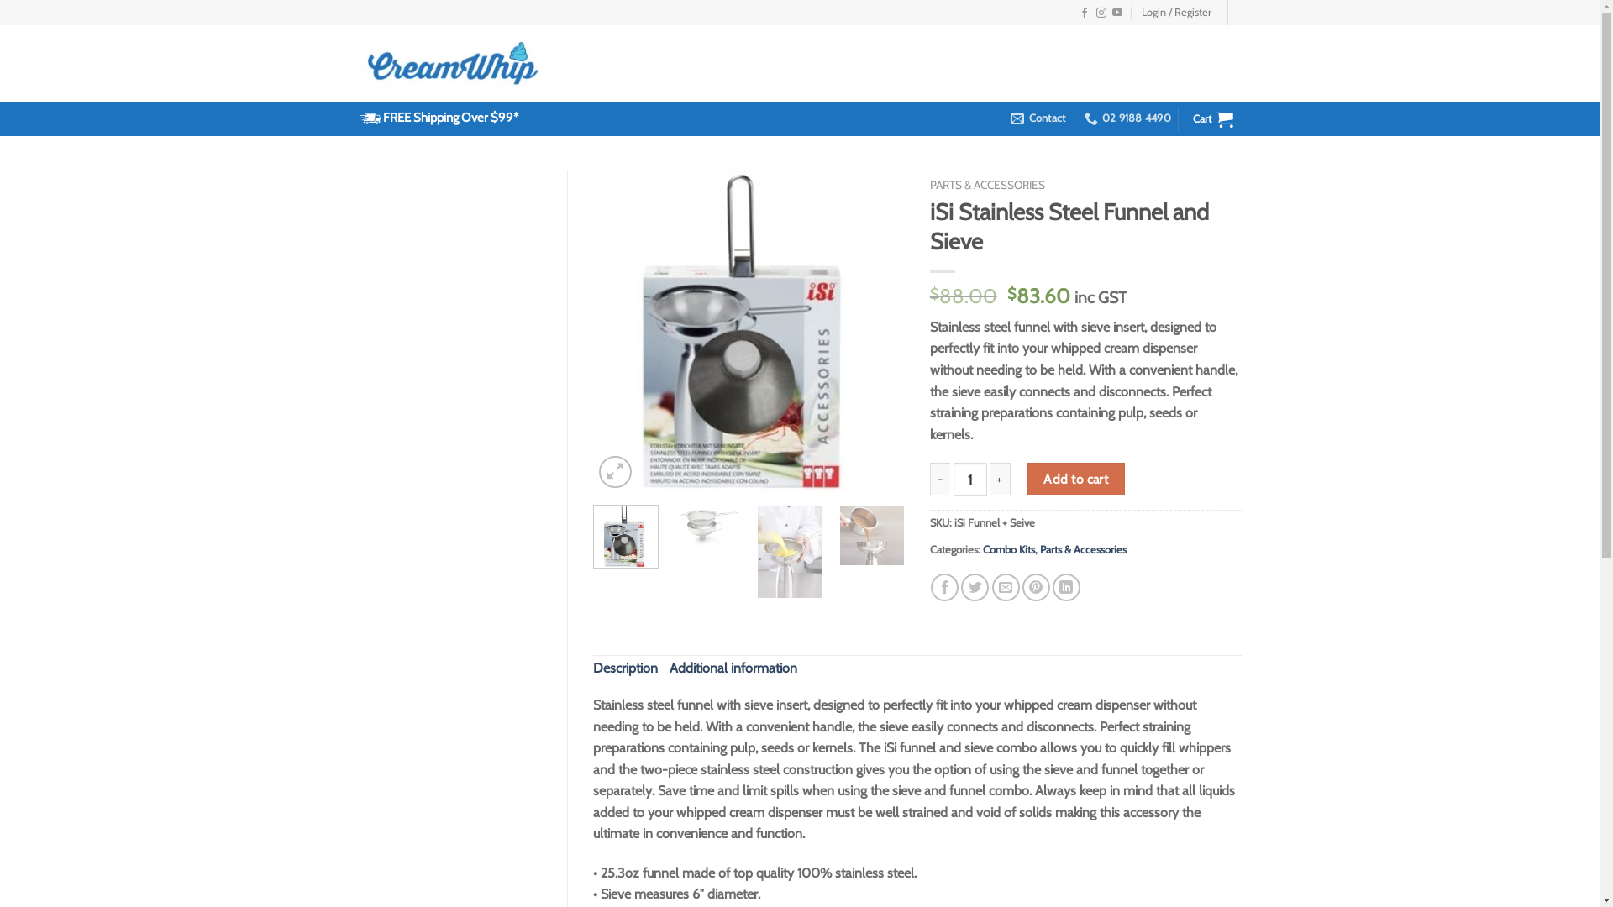  What do you see at coordinates (1127, 118) in the screenshot?
I see `'02 9188 4490'` at bounding box center [1127, 118].